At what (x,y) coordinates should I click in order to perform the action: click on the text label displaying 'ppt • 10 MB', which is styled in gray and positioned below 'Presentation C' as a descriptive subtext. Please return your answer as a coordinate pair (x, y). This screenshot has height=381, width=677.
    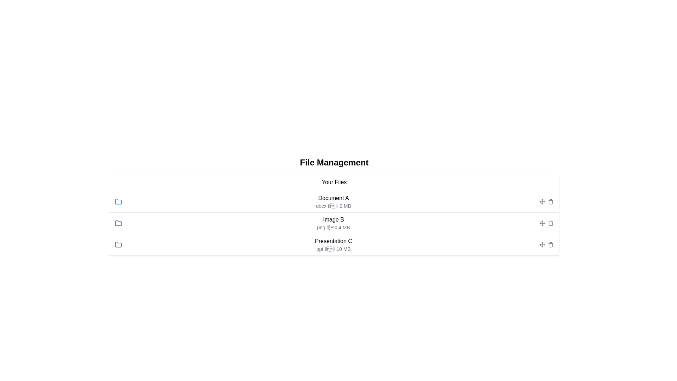
    Looking at the image, I should click on (333, 248).